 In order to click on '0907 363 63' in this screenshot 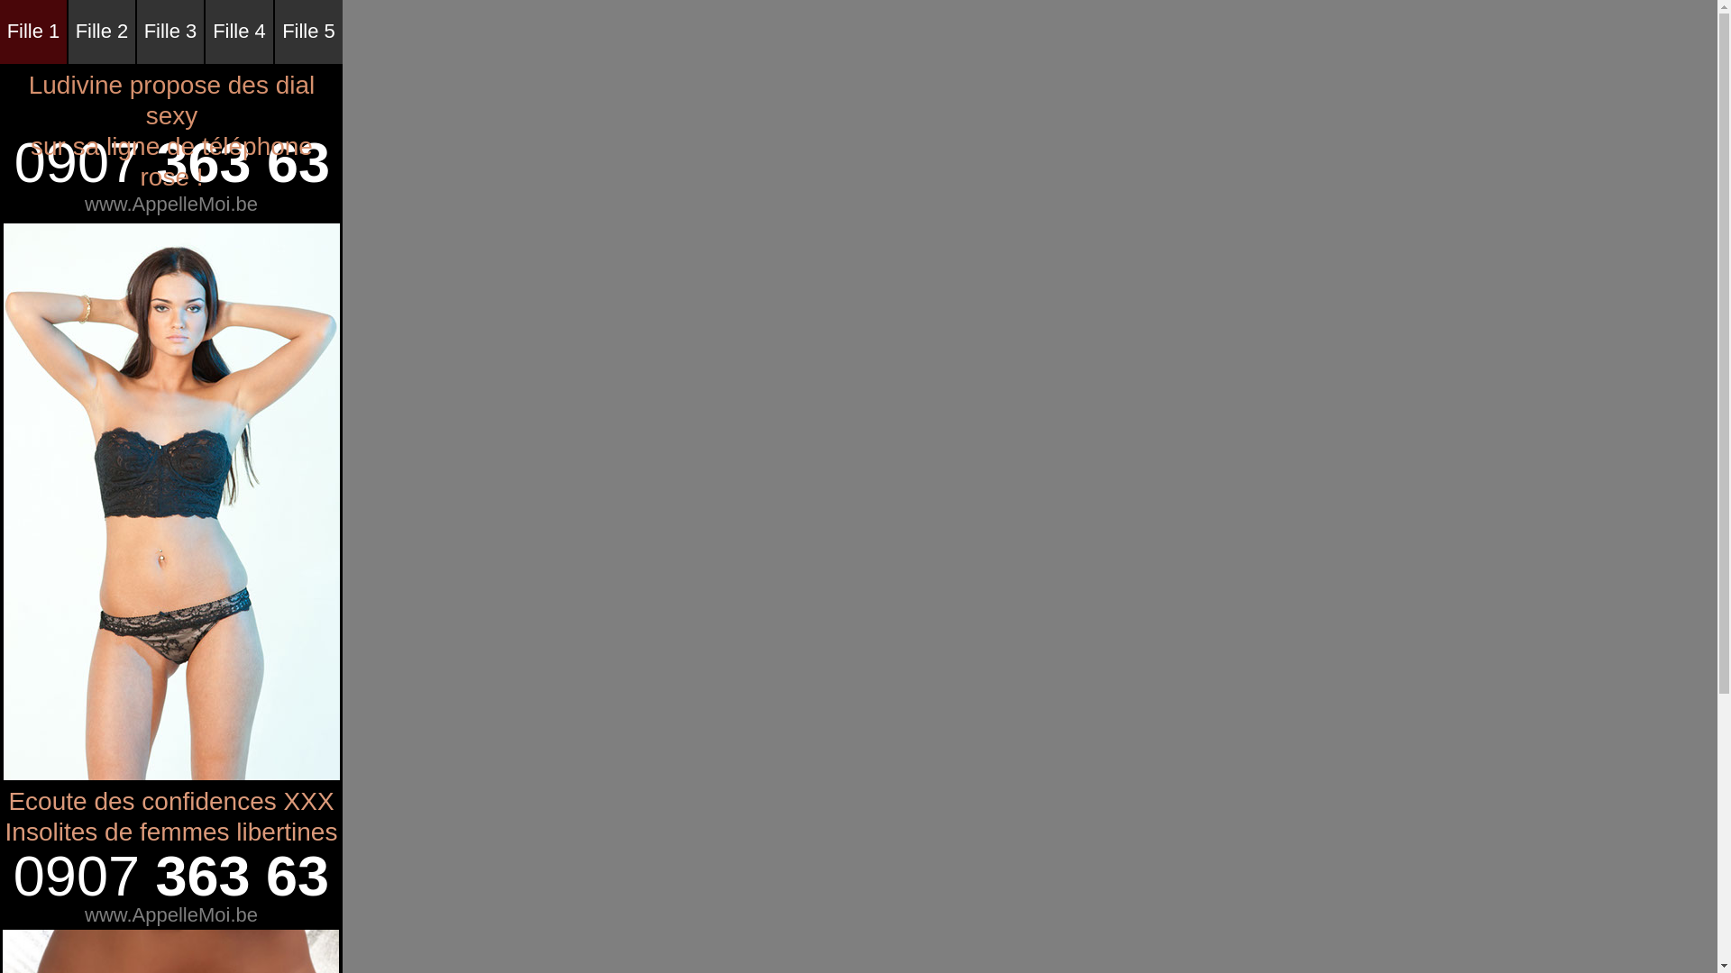, I will do `click(171, 876)`.